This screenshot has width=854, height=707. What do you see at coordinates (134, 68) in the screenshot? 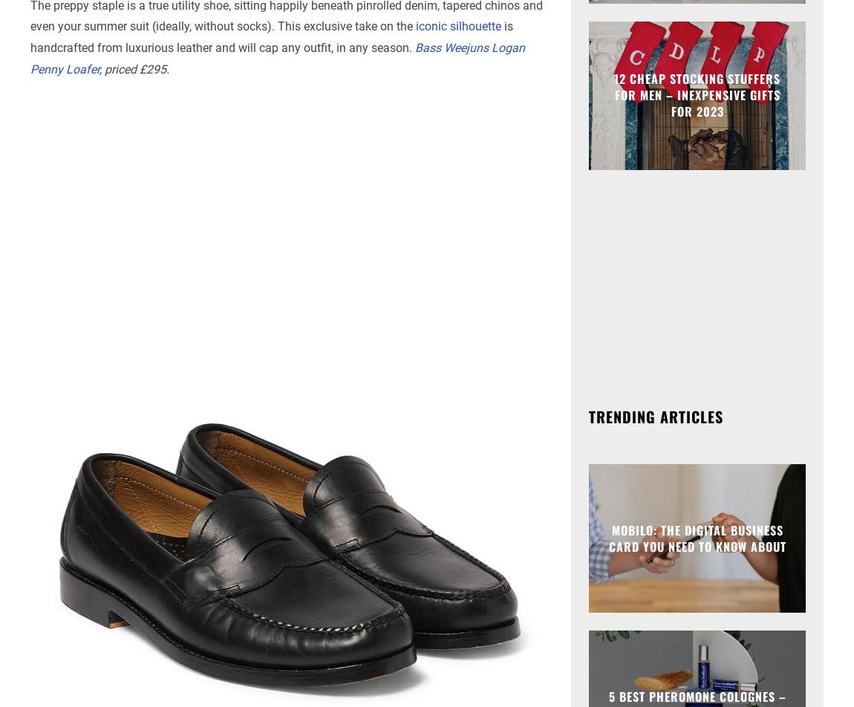
I see `', priced £295.'` at bounding box center [134, 68].